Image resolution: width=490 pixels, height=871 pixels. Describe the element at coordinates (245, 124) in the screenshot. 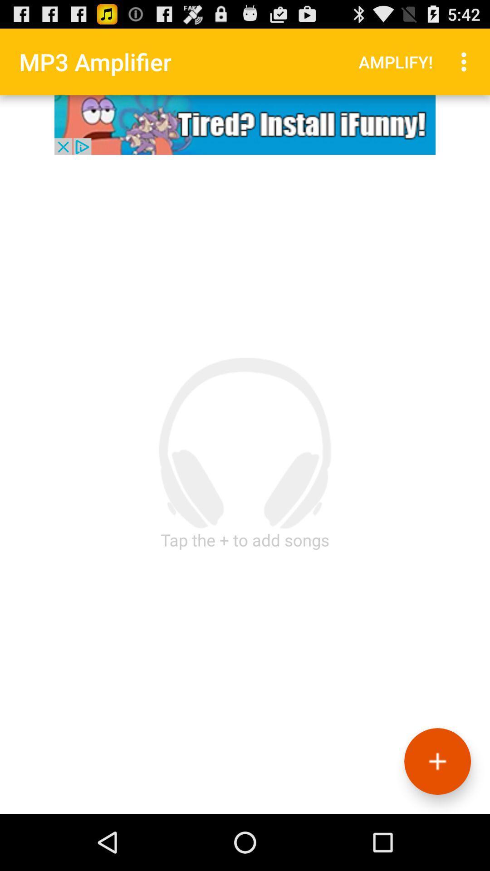

I see `icon button` at that location.